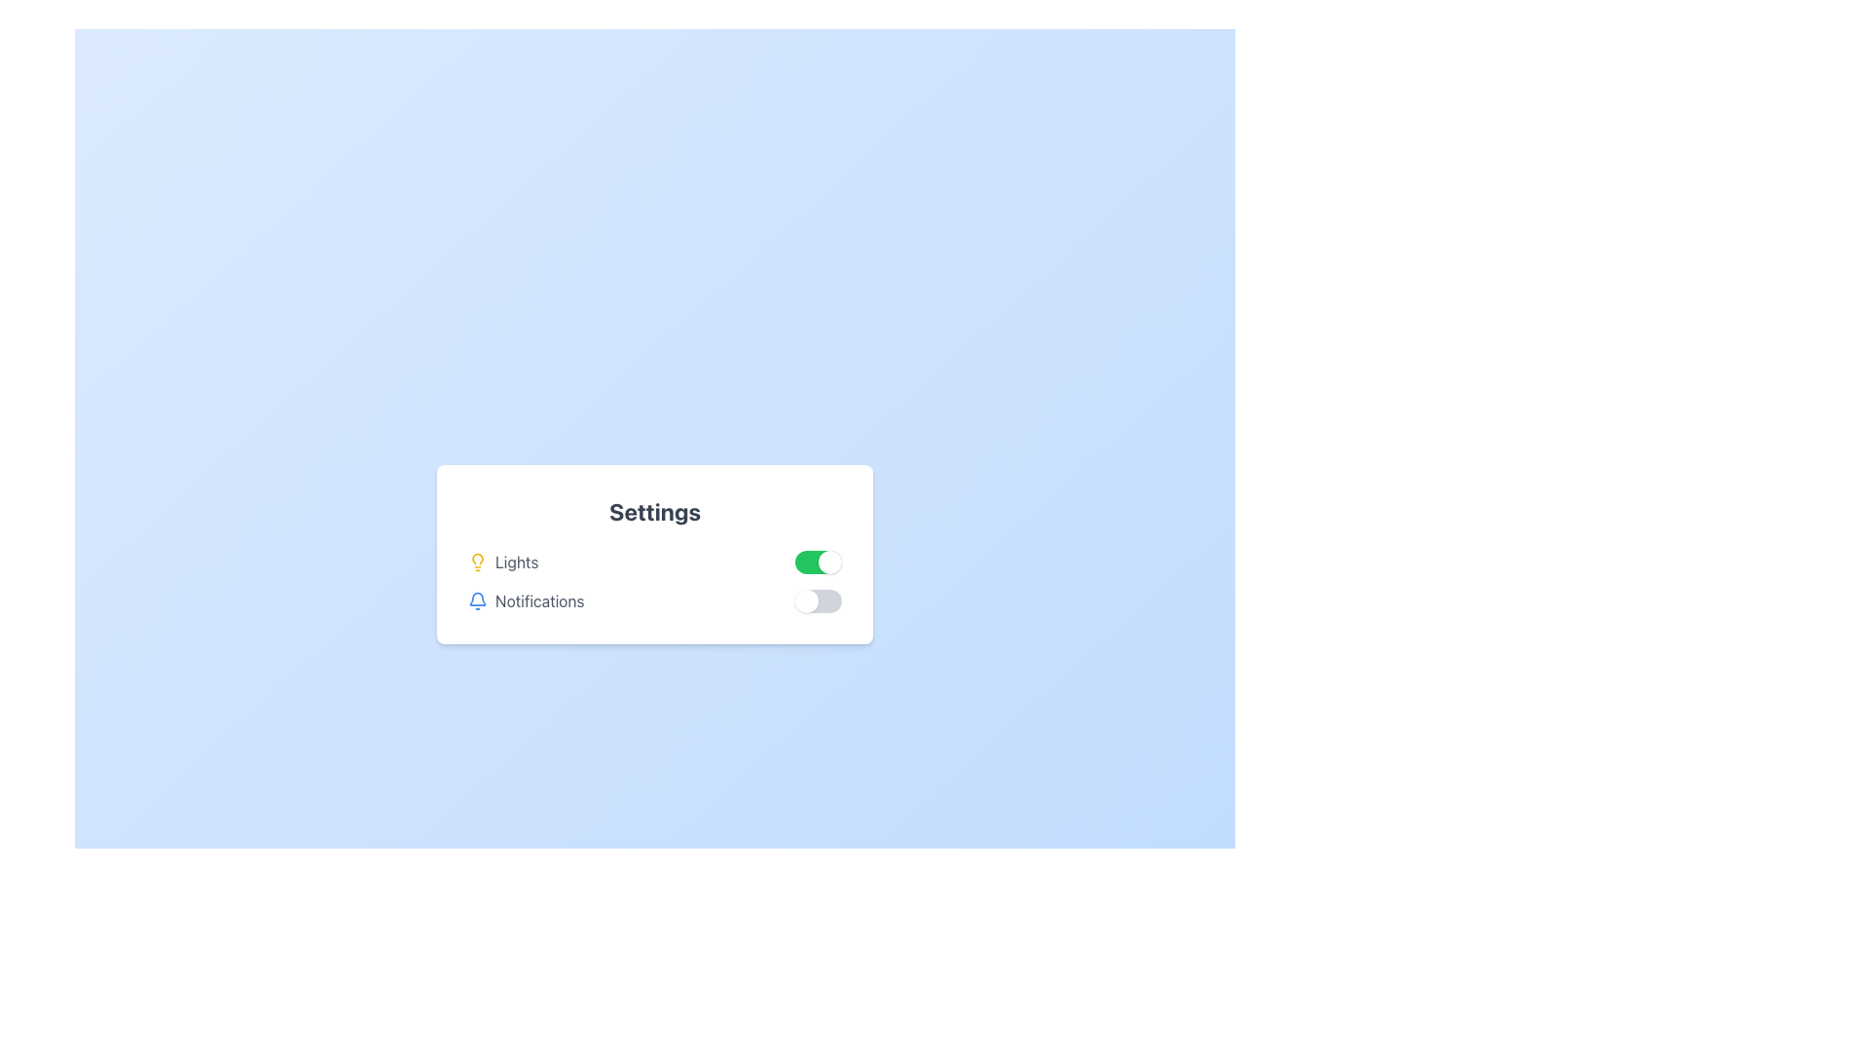 The height and width of the screenshot is (1051, 1869). Describe the element at coordinates (517, 562) in the screenshot. I see `the text label displaying 'Lights', which is gray in color and located within the 'Settings' card component, next to the lightbulb icon` at that location.